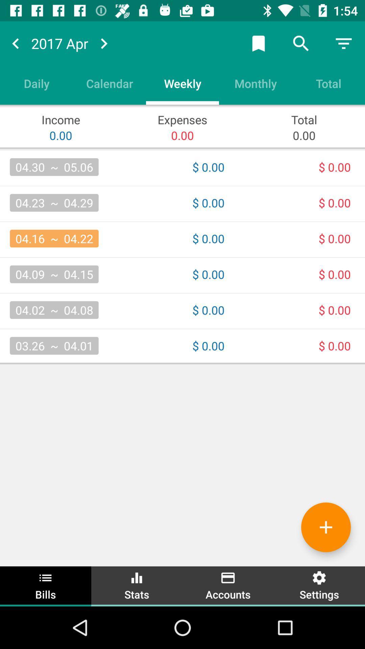 The width and height of the screenshot is (365, 649). What do you see at coordinates (104, 43) in the screenshot?
I see `next` at bounding box center [104, 43].